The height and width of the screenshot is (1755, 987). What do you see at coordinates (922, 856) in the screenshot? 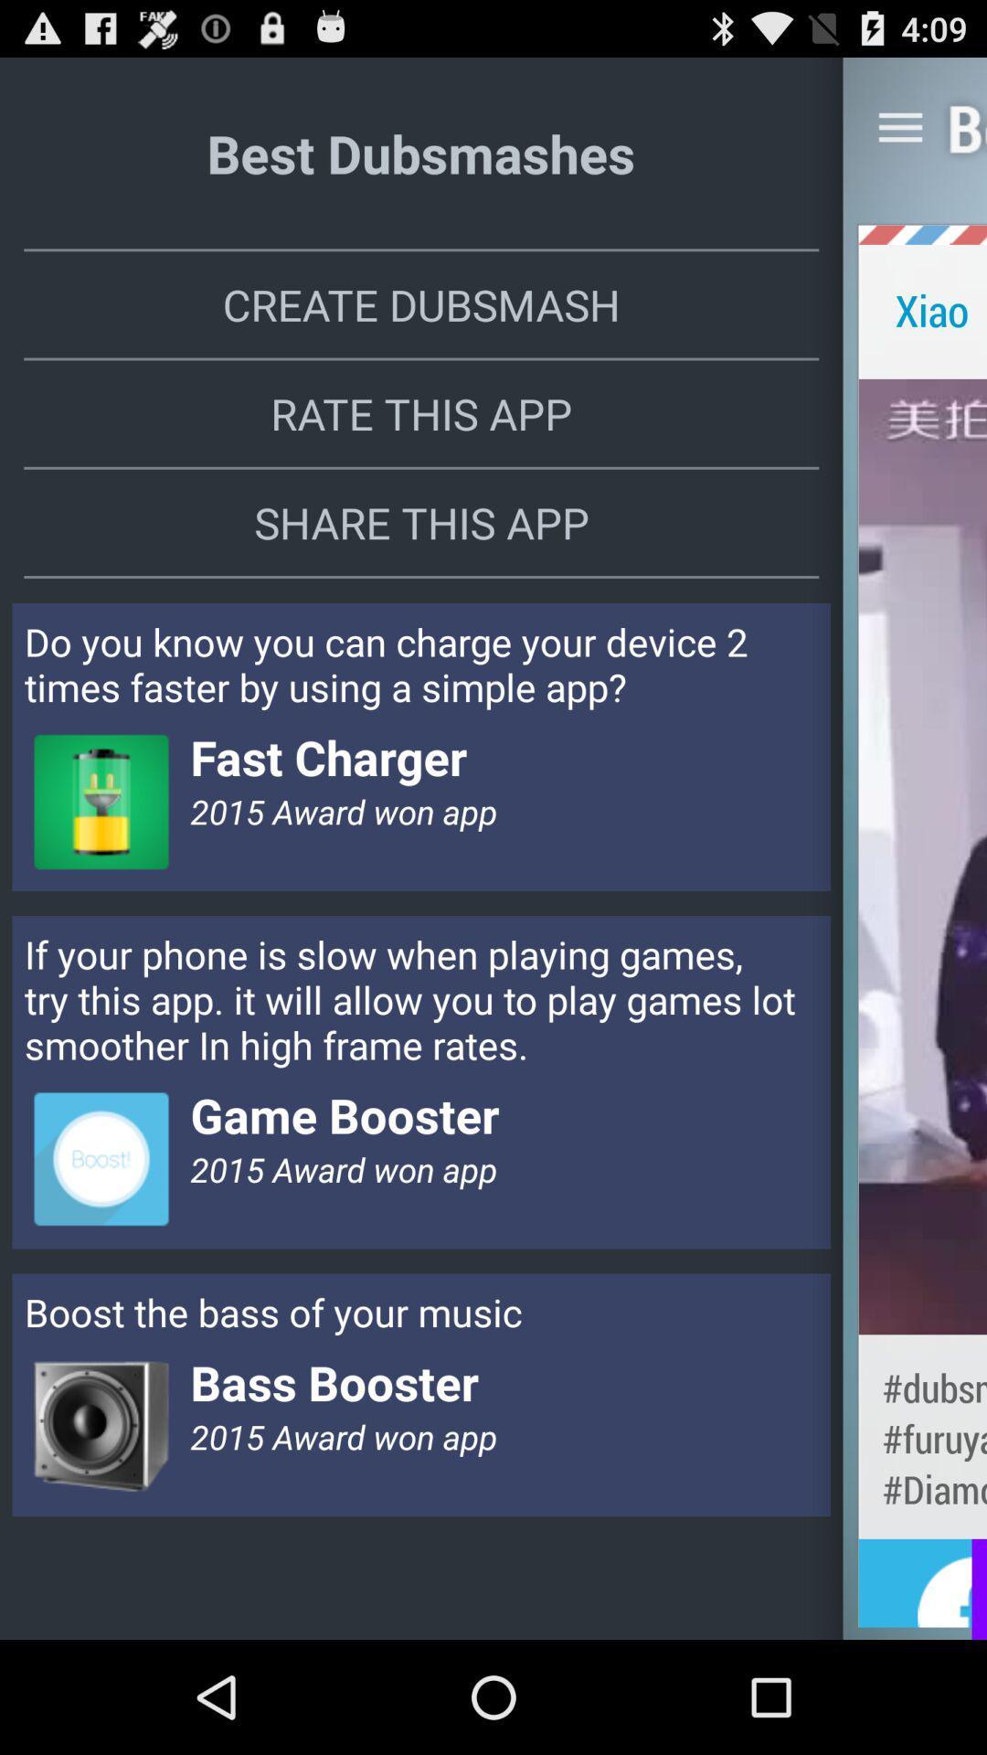
I see `the item next to the rate this app app` at bounding box center [922, 856].